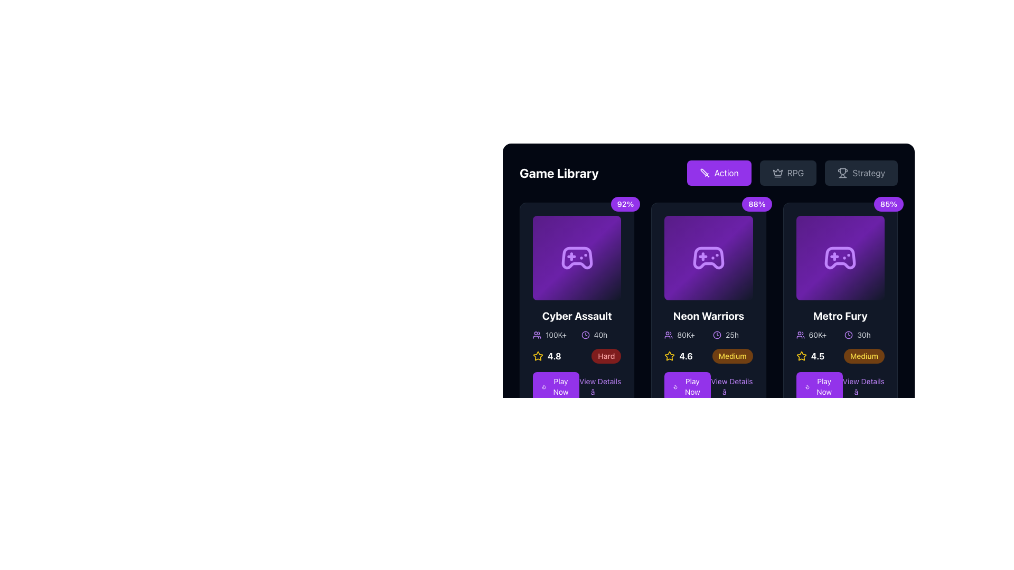 This screenshot has width=1014, height=570. Describe the element at coordinates (601, 335) in the screenshot. I see `the informational element featuring a small purple clock icon followed by the text '40h' in light gray, located within the 'Cyber Assault' game card` at that location.